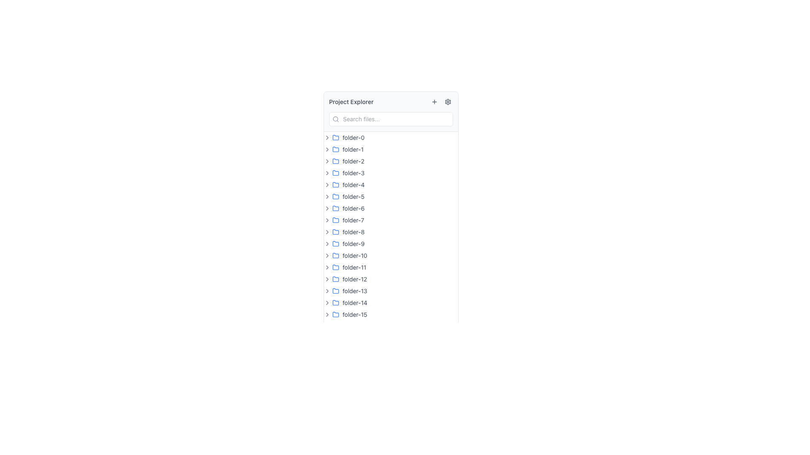  Describe the element at coordinates (335, 279) in the screenshot. I see `the folder icon representing 'folder-12' in the vertical file tree structure to interact with it` at that location.